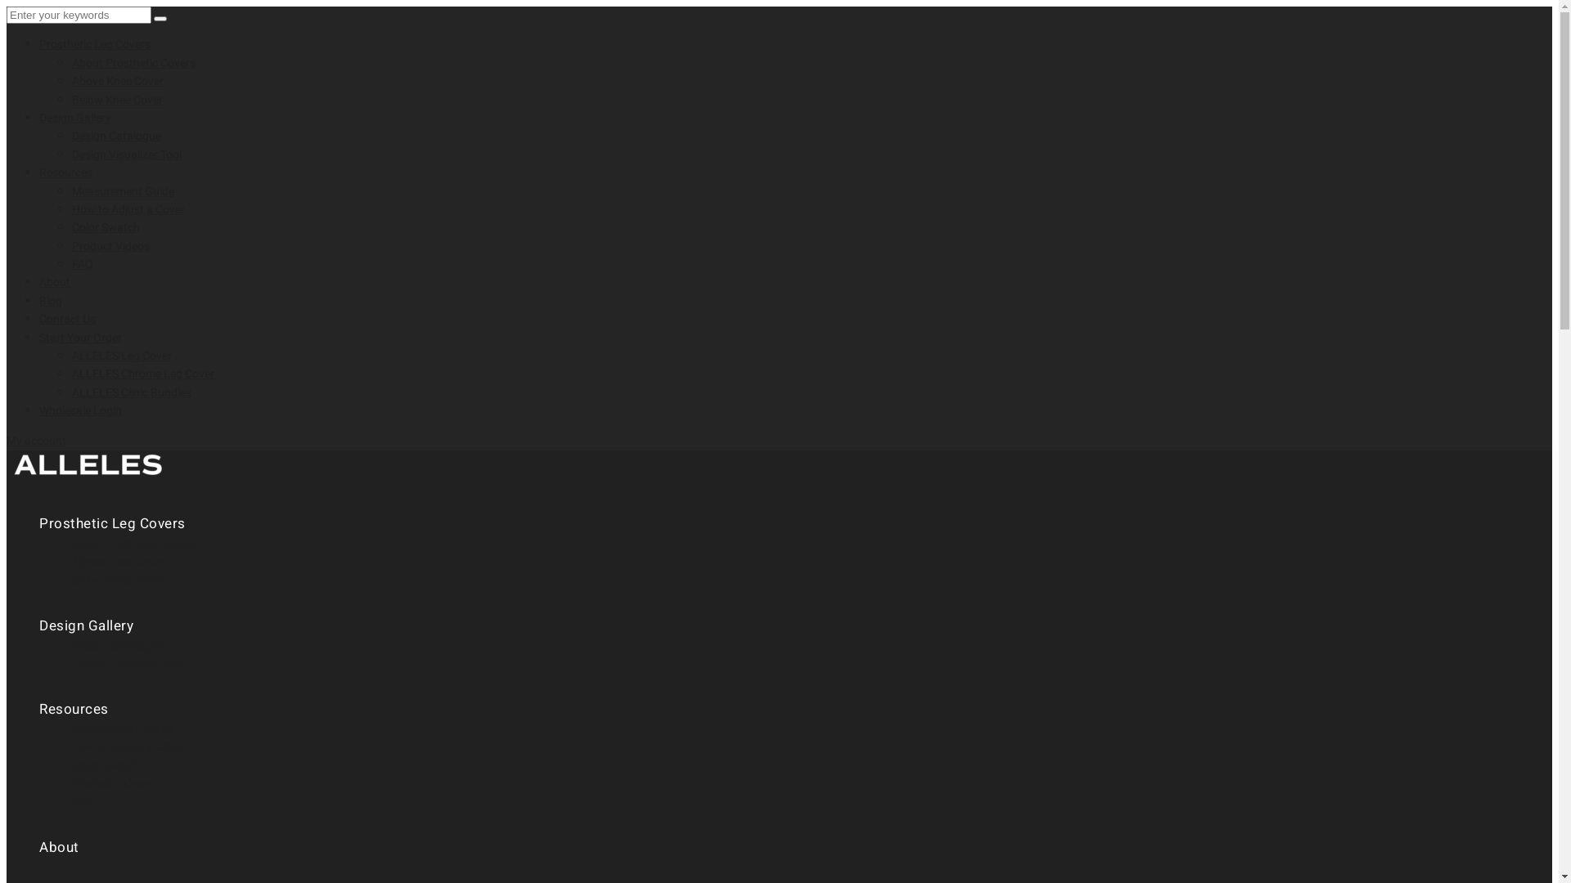  I want to click on 'Above Knee Cover', so click(117, 81).